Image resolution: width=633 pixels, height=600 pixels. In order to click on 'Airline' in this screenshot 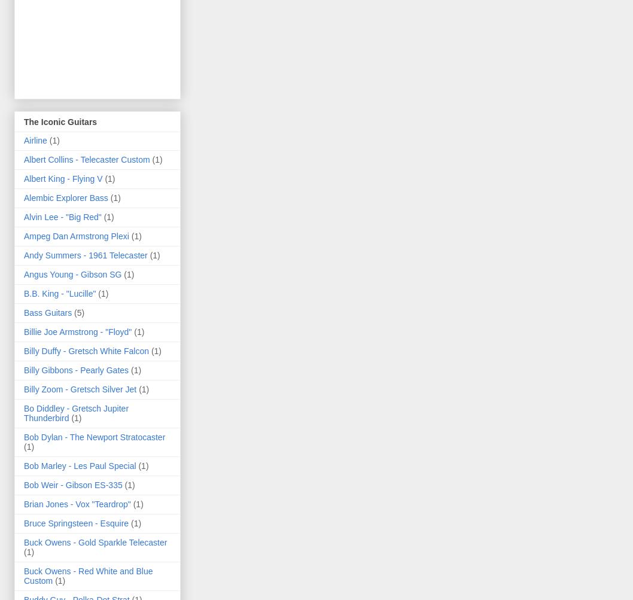, I will do `click(35, 139)`.